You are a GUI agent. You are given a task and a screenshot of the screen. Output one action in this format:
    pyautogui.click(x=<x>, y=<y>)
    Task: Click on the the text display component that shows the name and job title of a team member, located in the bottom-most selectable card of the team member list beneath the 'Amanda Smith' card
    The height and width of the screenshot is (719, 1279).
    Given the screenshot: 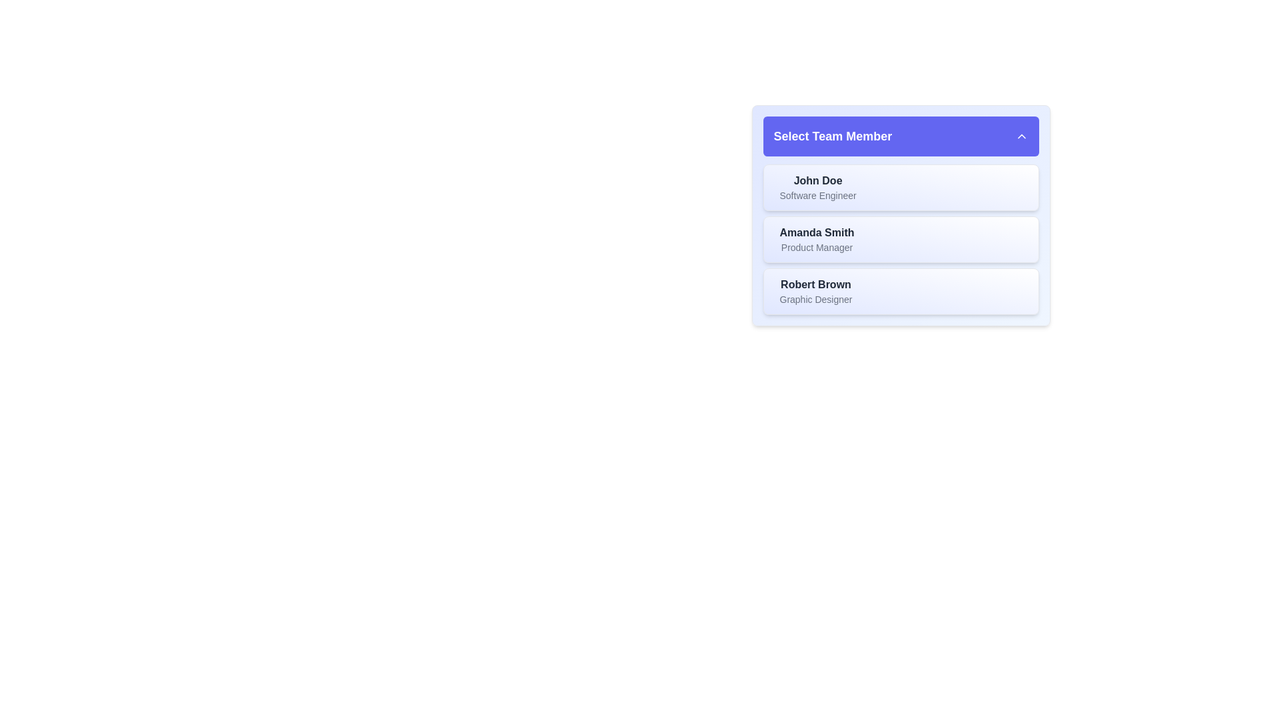 What is the action you would take?
    pyautogui.click(x=815, y=291)
    